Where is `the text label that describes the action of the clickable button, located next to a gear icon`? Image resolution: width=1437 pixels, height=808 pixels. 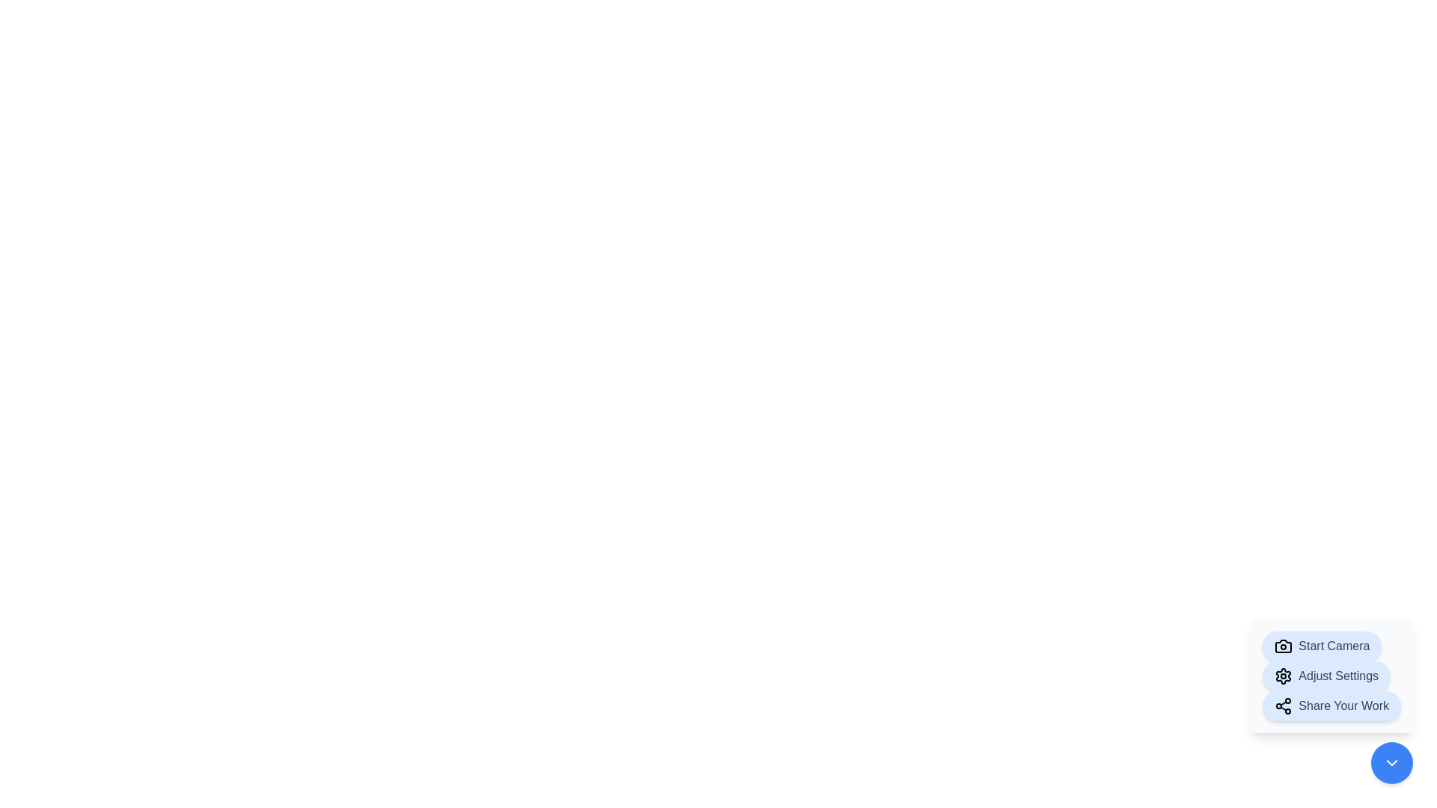
the text label that describes the action of the clickable button, located next to a gear icon is located at coordinates (1338, 676).